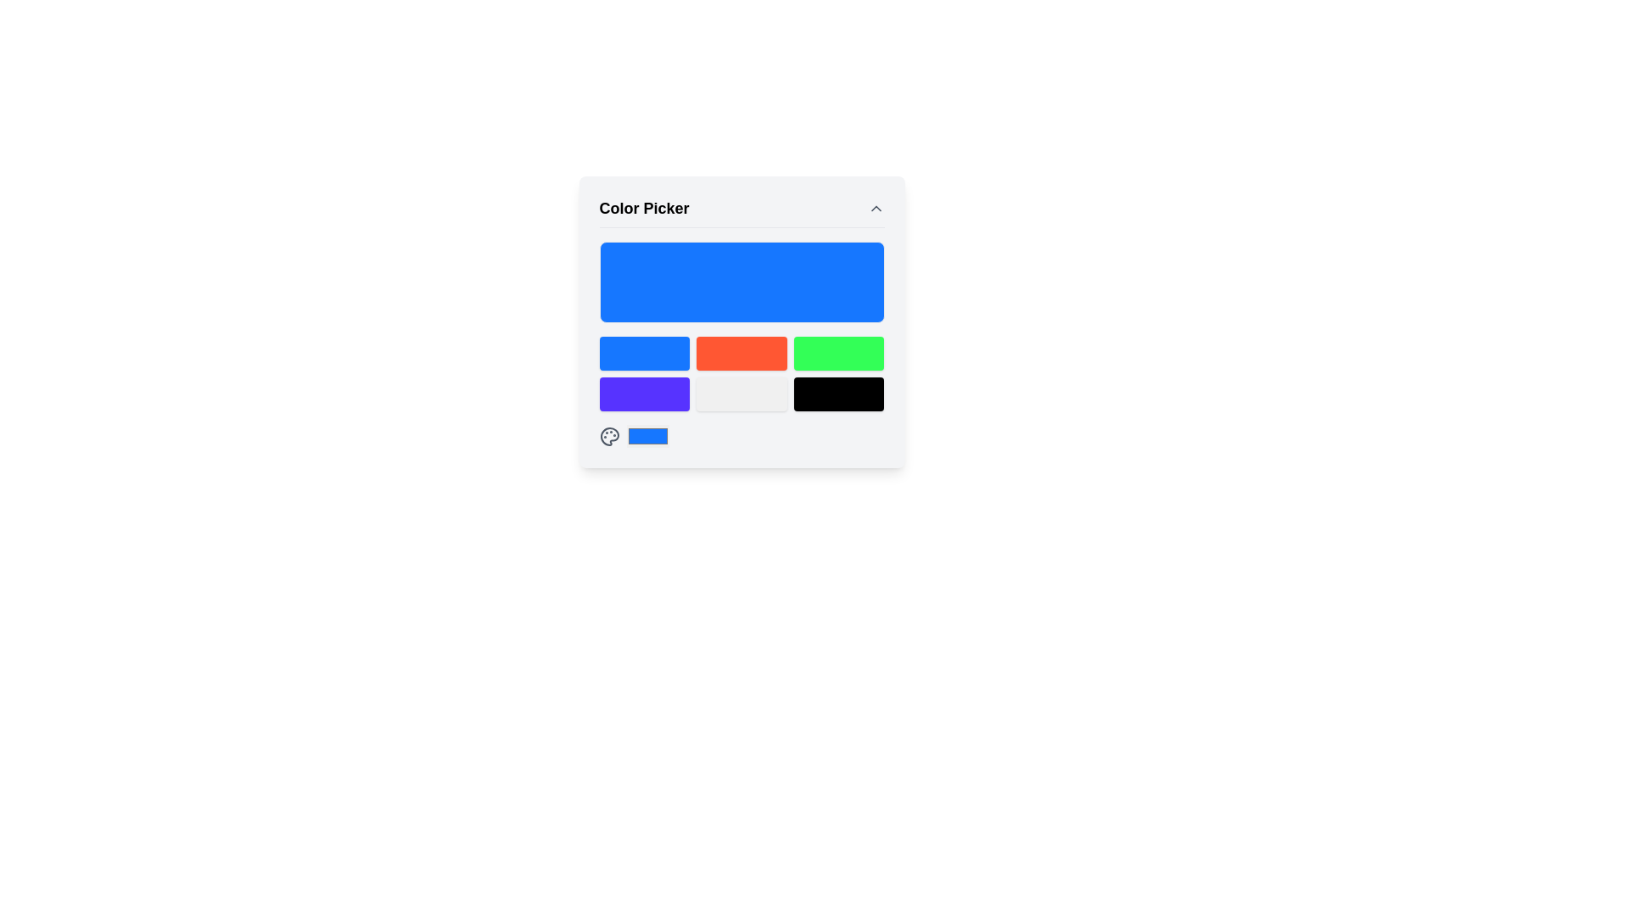  What do you see at coordinates (742, 339) in the screenshot?
I see `the selectable color choice rectangle representing the red color in the palette` at bounding box center [742, 339].